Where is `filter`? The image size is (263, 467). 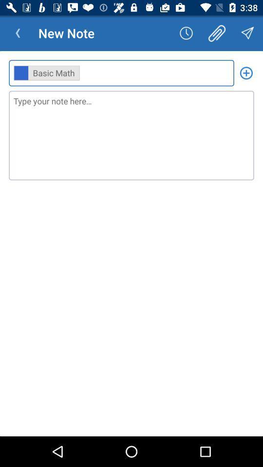
filter is located at coordinates (245, 72).